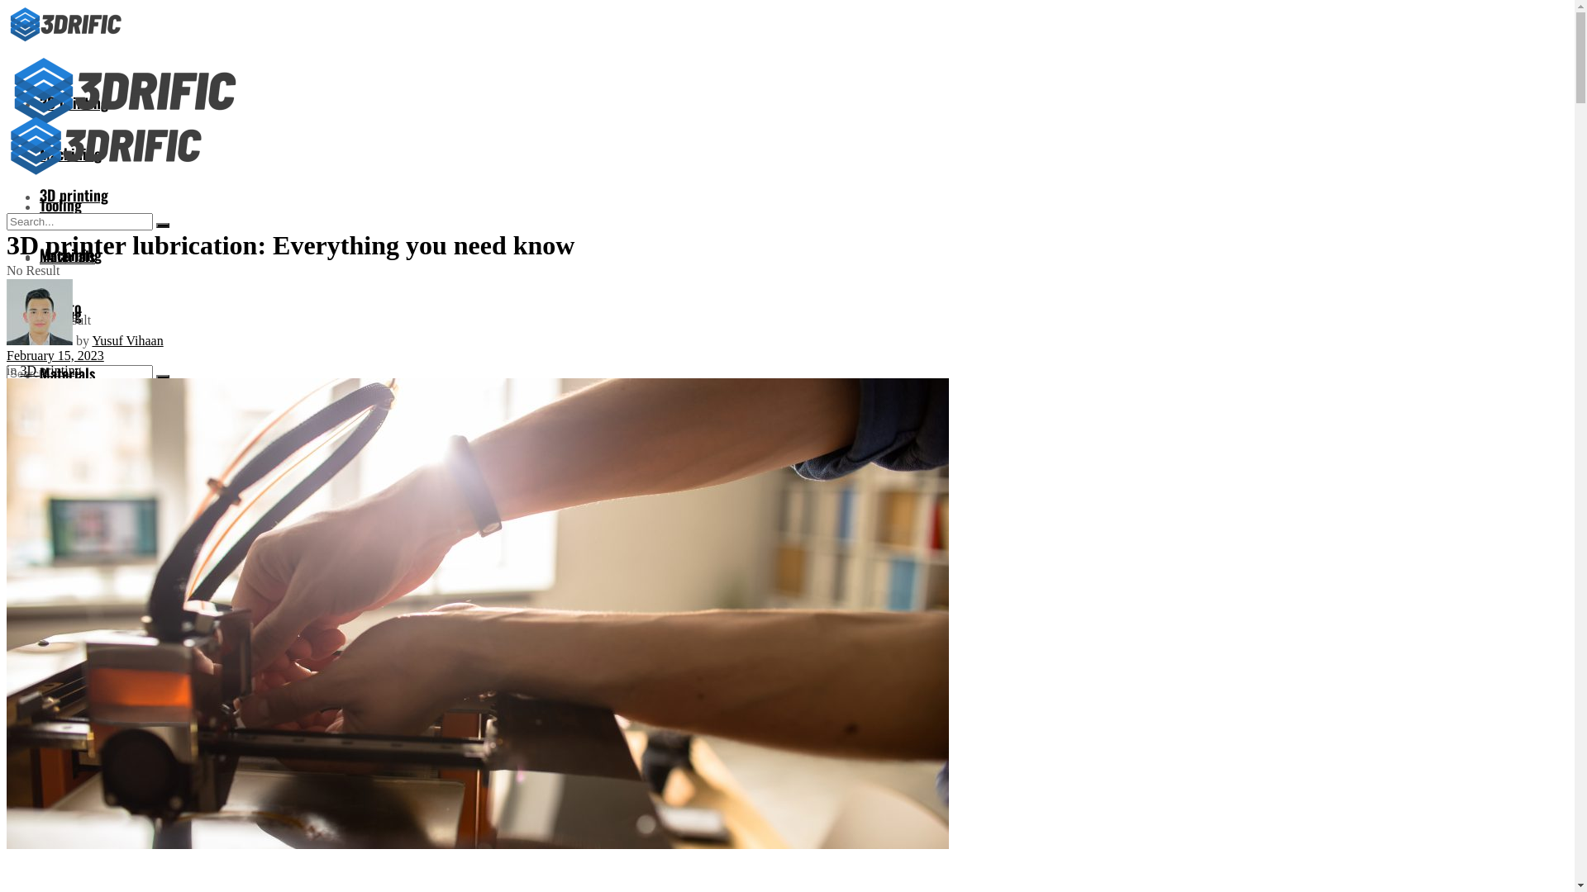 The height and width of the screenshot is (892, 1587). What do you see at coordinates (69, 254) in the screenshot?
I see `'Machining'` at bounding box center [69, 254].